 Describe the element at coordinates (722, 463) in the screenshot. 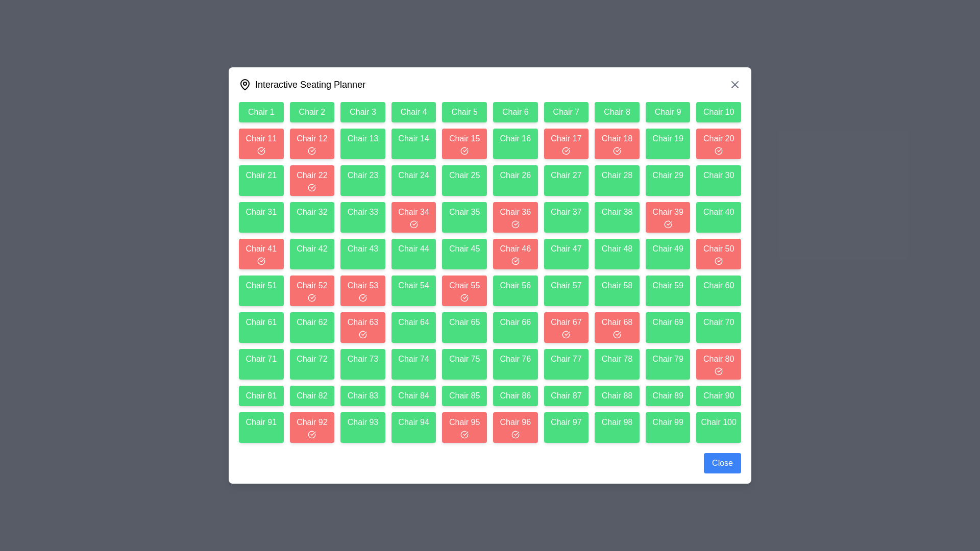

I see `'Close' button to dismiss the dialog` at that location.